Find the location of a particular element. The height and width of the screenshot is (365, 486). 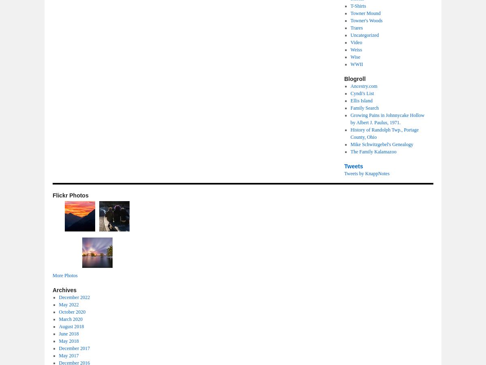

'Mike Schwitzgebel's Genealogy' is located at coordinates (382, 144).